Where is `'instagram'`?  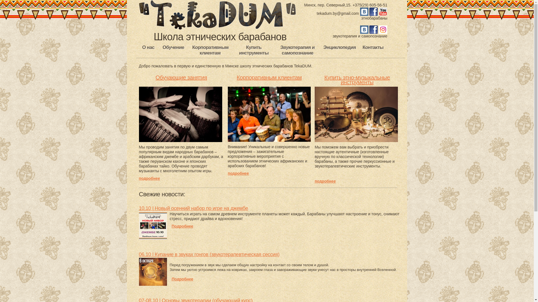 'instagram' is located at coordinates (383, 31).